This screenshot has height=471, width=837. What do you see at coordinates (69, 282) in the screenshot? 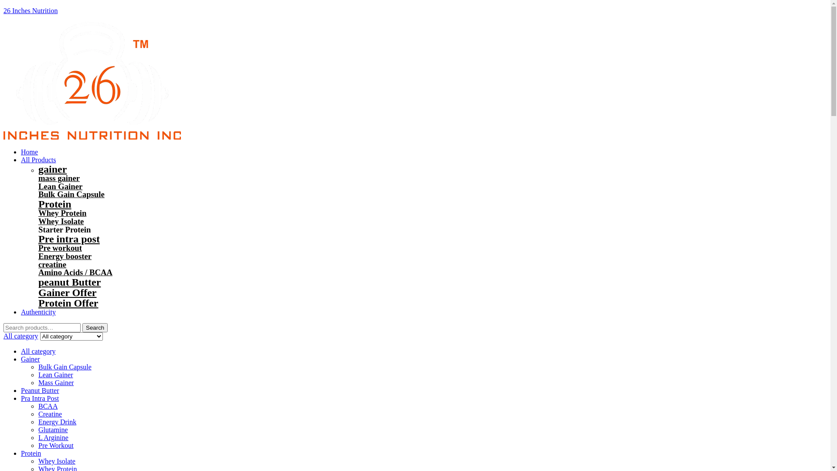
I see `'peanut Butter'` at bounding box center [69, 282].